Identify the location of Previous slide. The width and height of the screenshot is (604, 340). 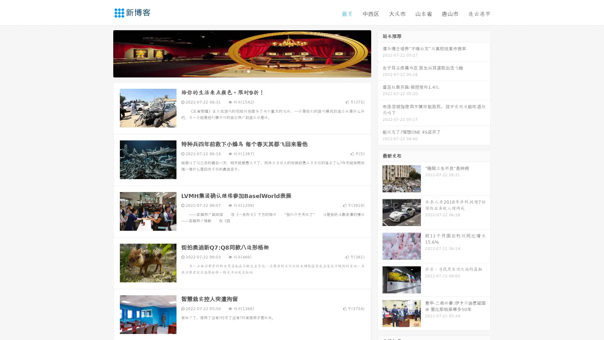
(104, 53).